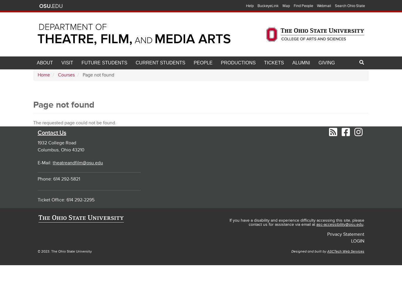 The image size is (402, 294). Describe the element at coordinates (364, 224) in the screenshot. I see `'.'` at that location.